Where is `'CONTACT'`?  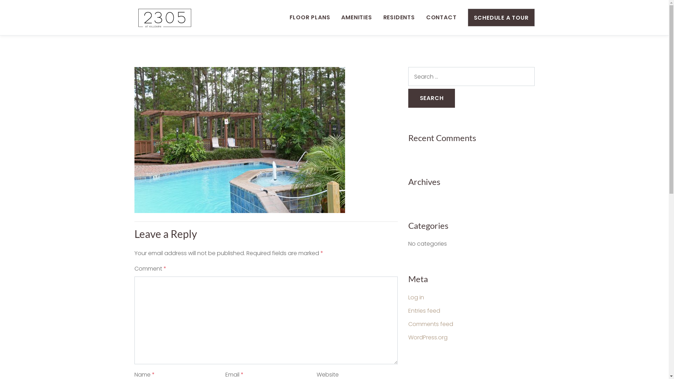
'CONTACT' is located at coordinates (441, 17).